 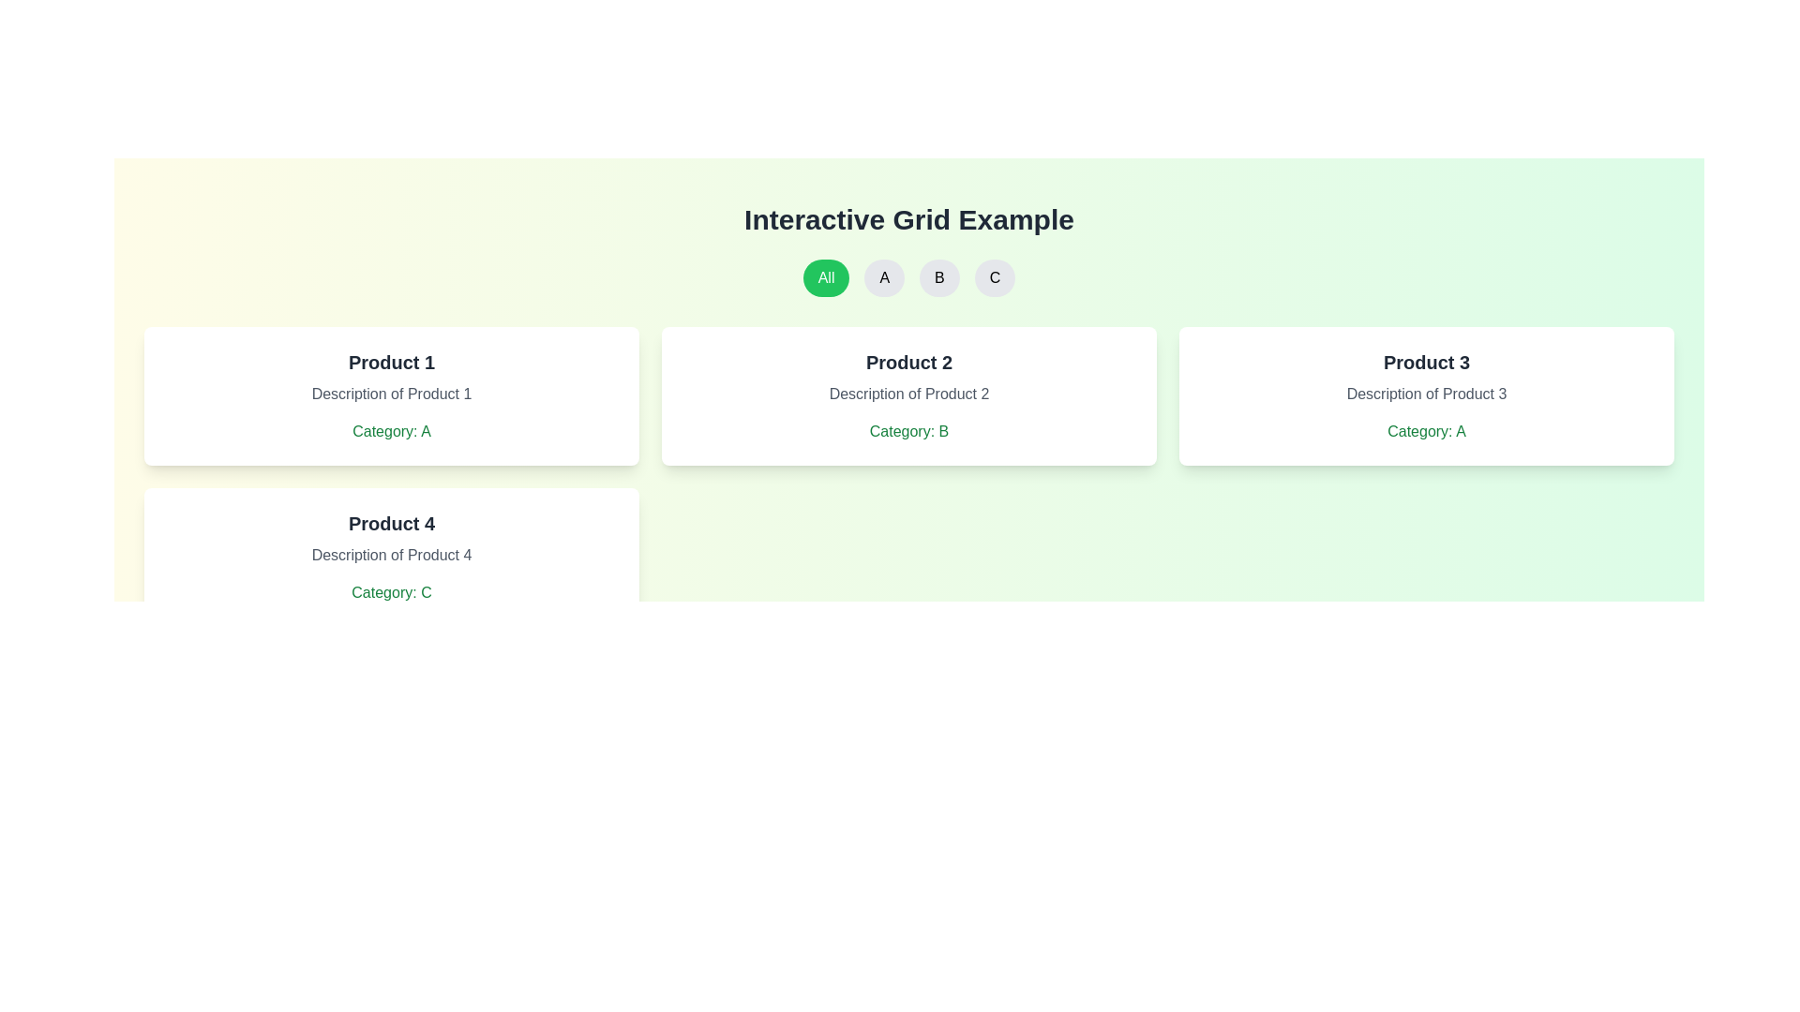 I want to click on the Text label that provides additional descriptive information about 'Product 1', located between the title 'Product 1' and the category label 'Category: A', so click(x=390, y=393).